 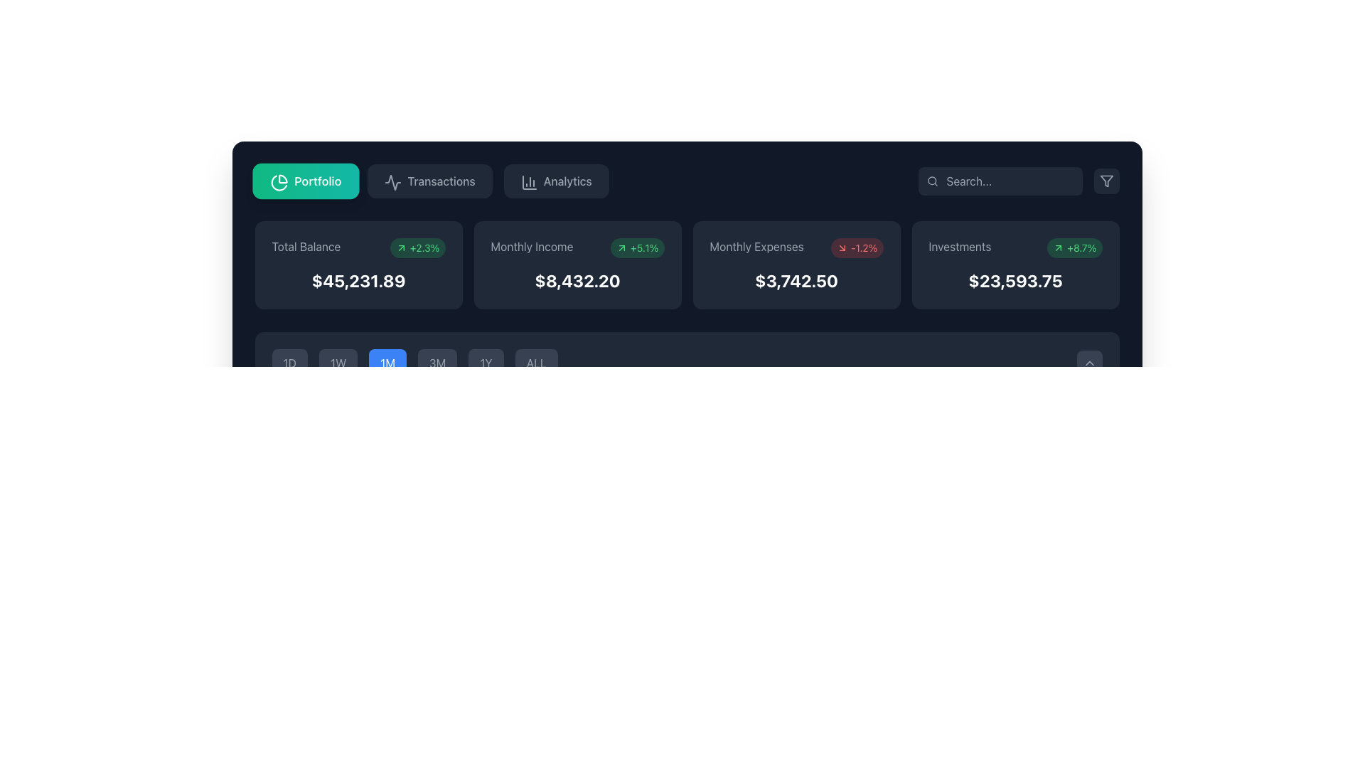 I want to click on the small capsule-shaped label with a green background and text '+2.3%' located in the top-right corner of the 'Total Balance' section on the dashboard, so click(x=417, y=247).